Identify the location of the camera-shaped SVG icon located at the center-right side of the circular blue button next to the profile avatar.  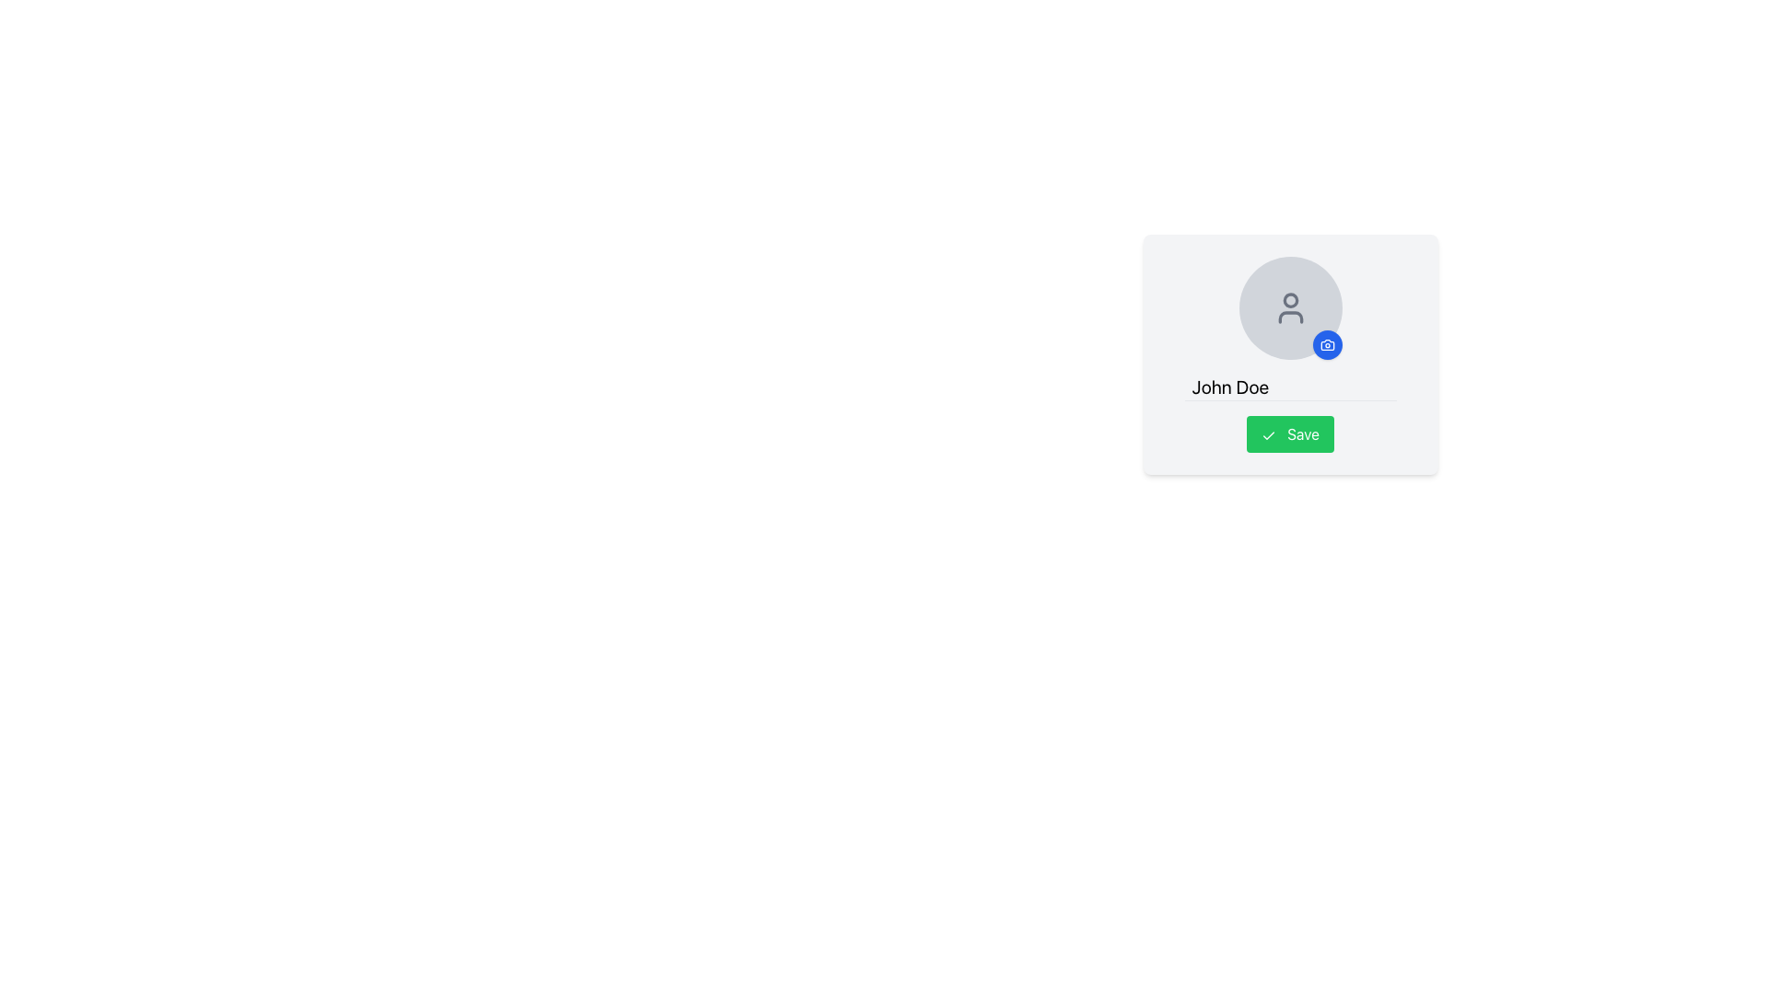
(1327, 344).